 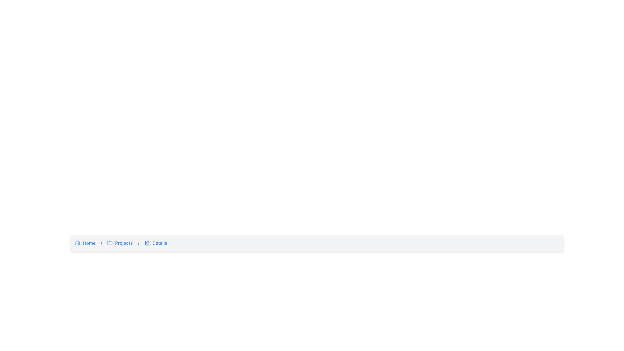 I want to click on the 'Projects' segment of the breadcrumb navigation, so click(x=317, y=243).